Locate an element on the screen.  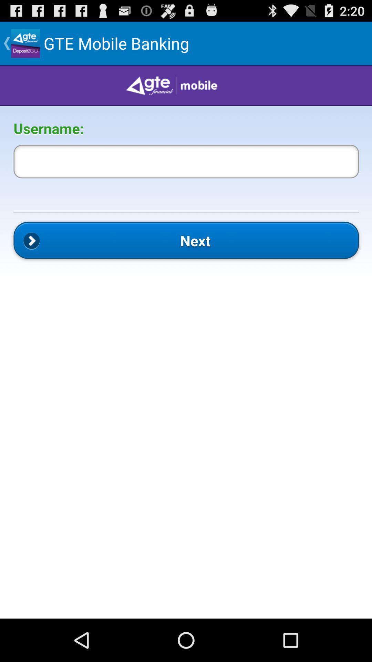
get mobile banking open is located at coordinates (186, 342).